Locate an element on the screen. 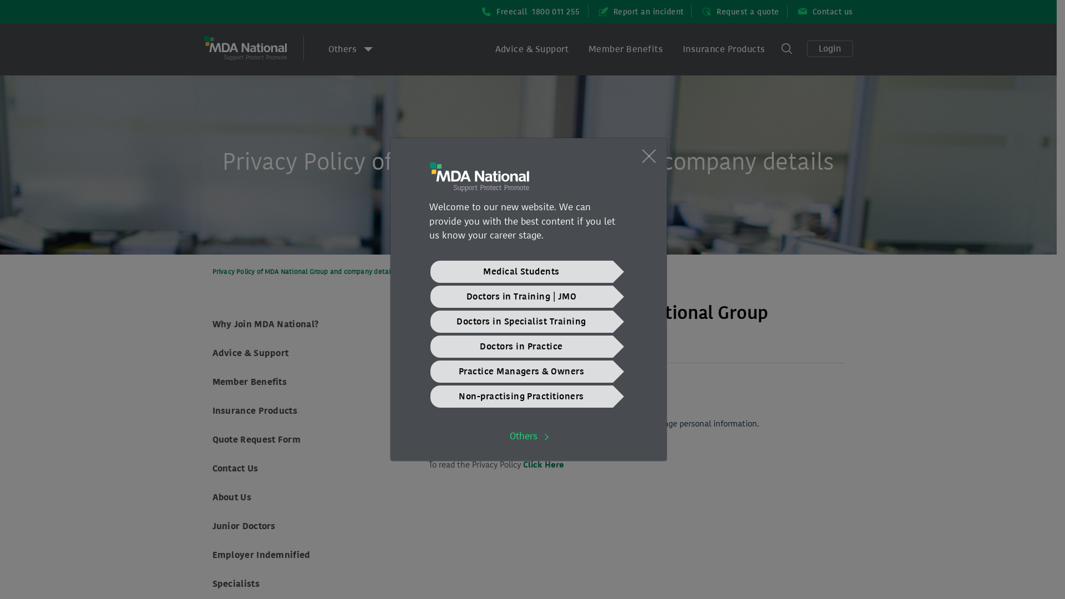 Image resolution: width=1065 pixels, height=599 pixels. 'Insurance Products' is located at coordinates (253, 410).